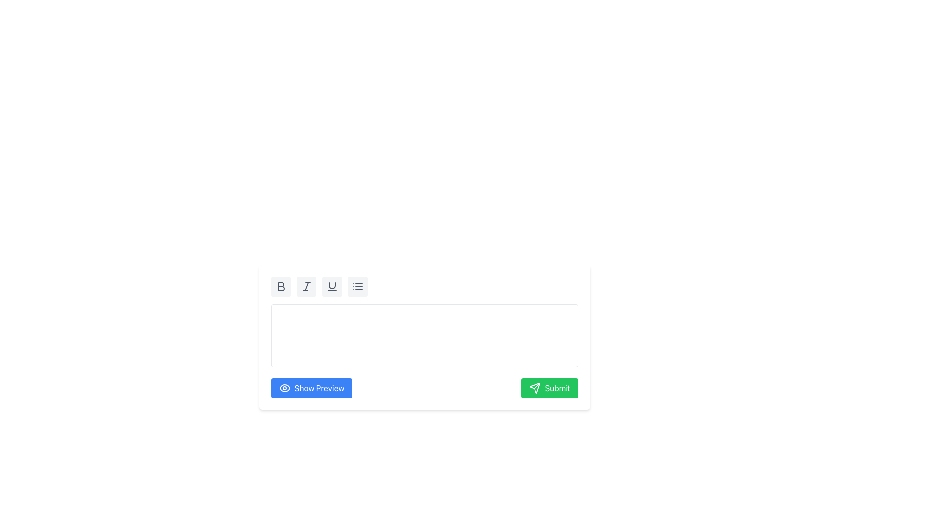  I want to click on the send action icon, which is a triangular paper plane icon located within the green 'Submit' button at the bottom-right of the form, so click(535, 387).